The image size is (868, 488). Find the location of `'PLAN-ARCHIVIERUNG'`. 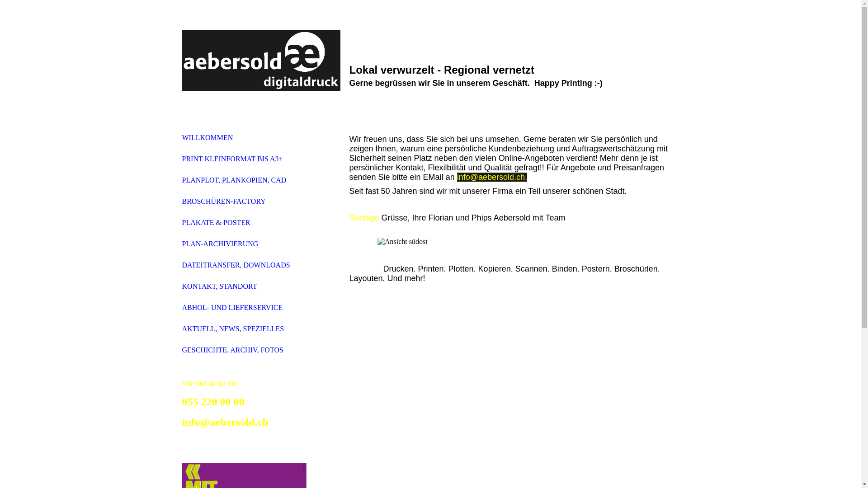

'PLAN-ARCHIVIERUNG' is located at coordinates (220, 243).